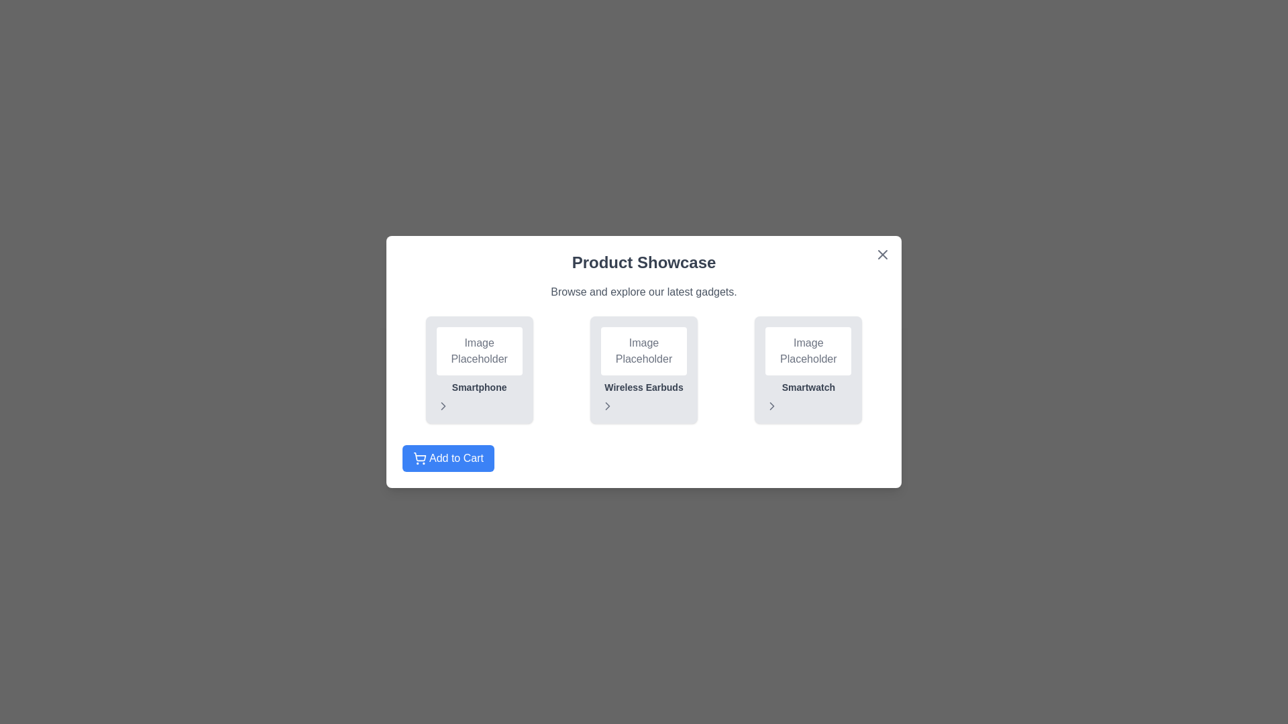  I want to click on the 'Wireless Earbuds' product showcase card located in the 'Product Showcase' modal, so click(644, 362).